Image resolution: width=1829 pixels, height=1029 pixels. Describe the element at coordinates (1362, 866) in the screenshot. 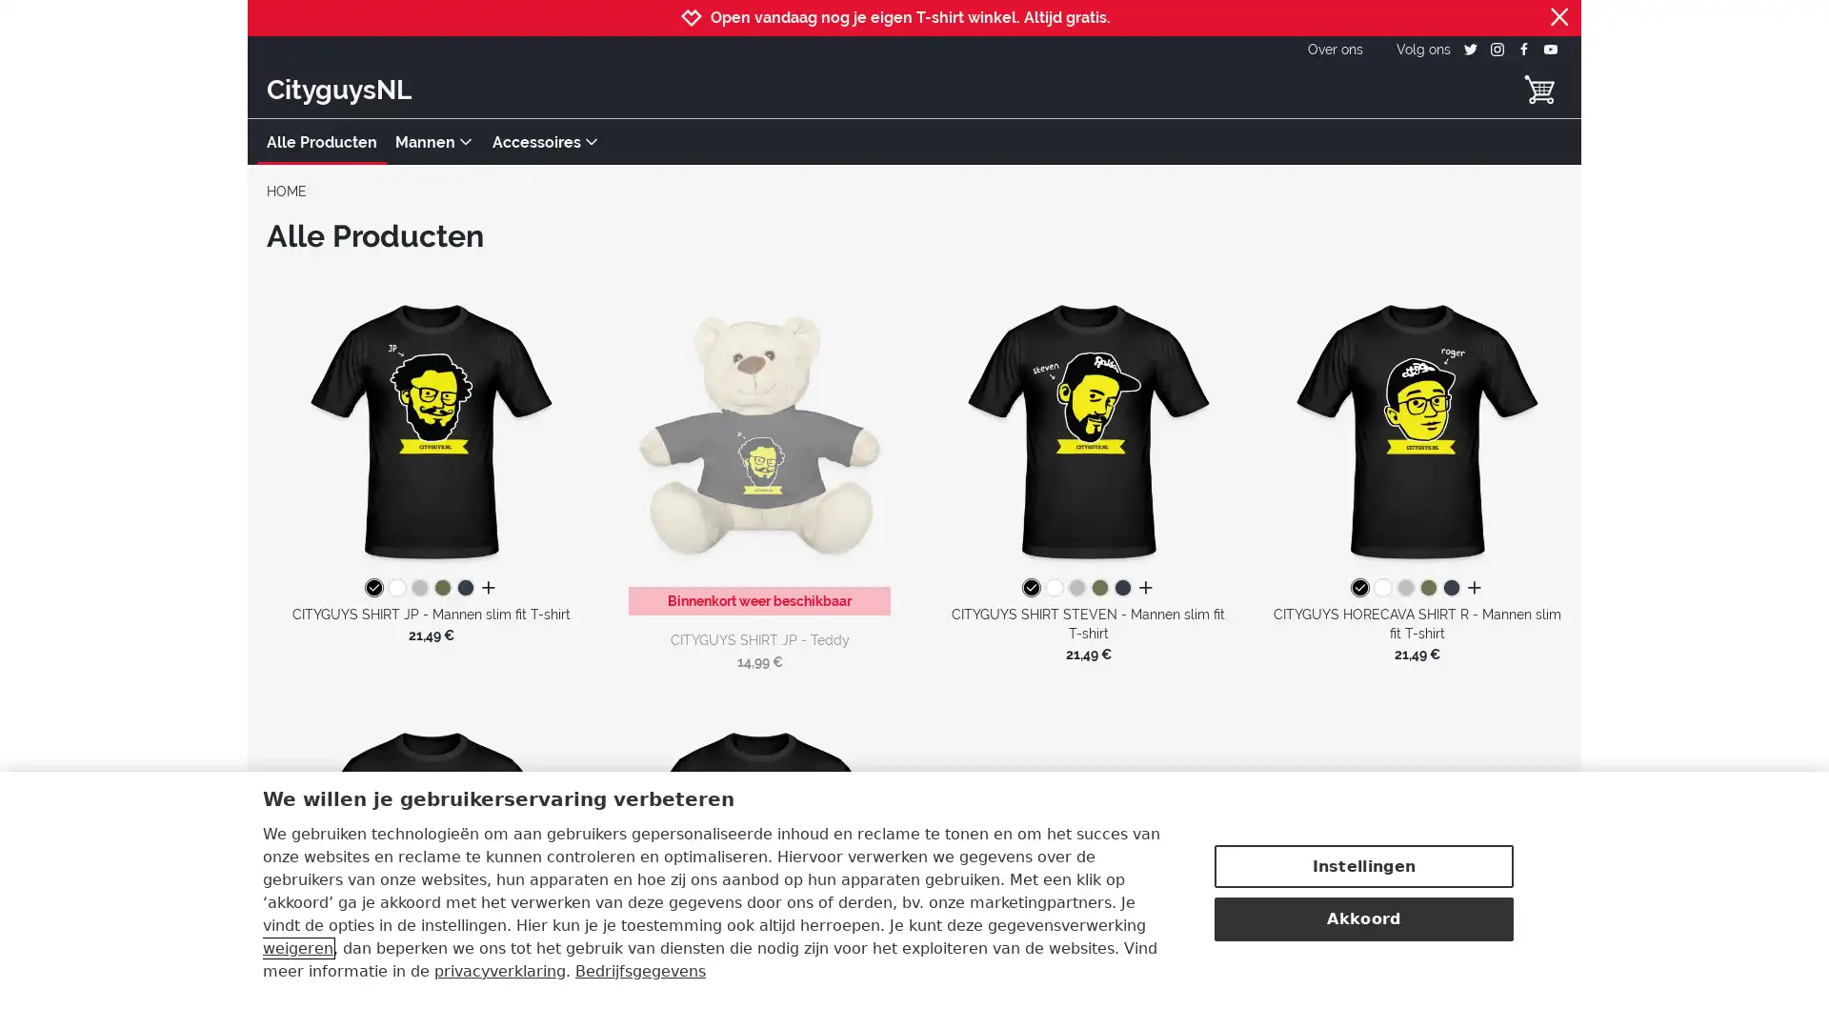

I see `Instellingen` at that location.